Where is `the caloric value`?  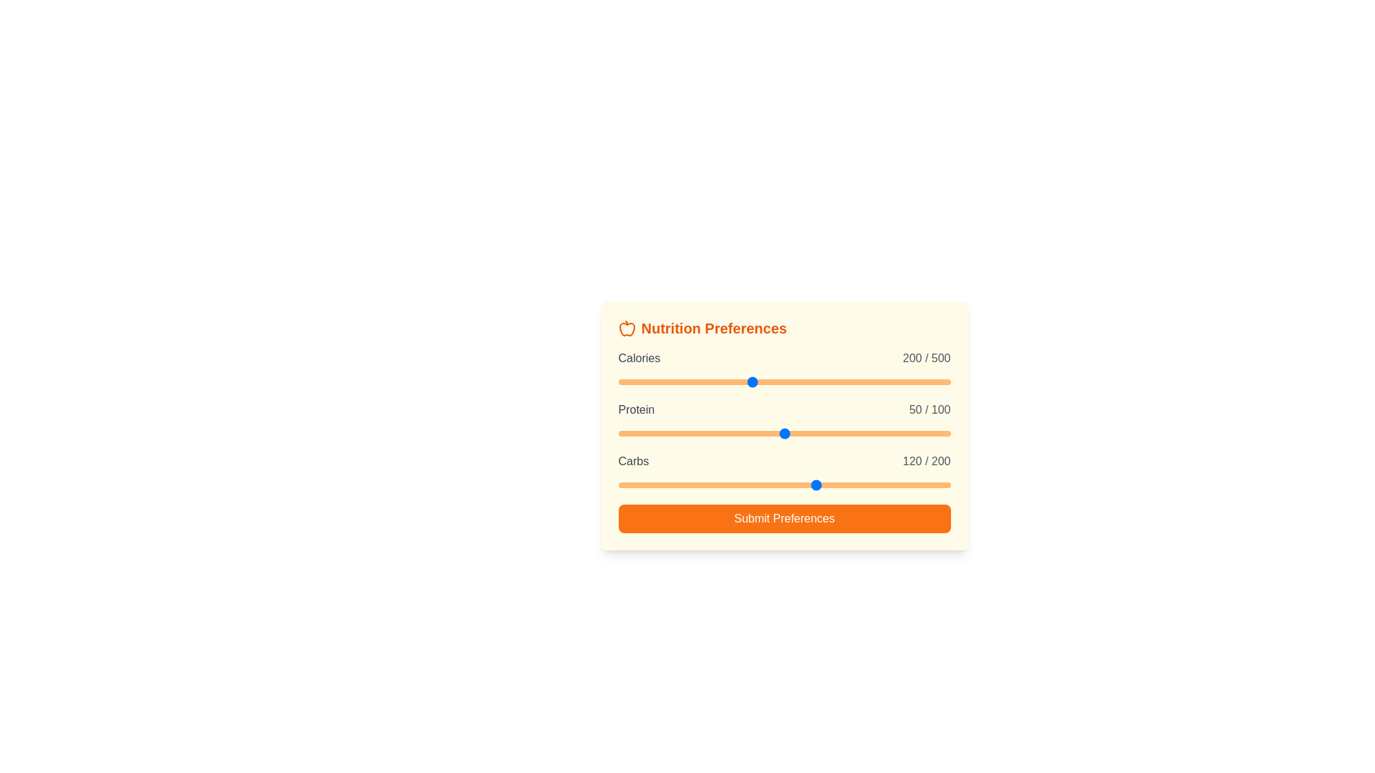
the caloric value is located at coordinates (784, 381).